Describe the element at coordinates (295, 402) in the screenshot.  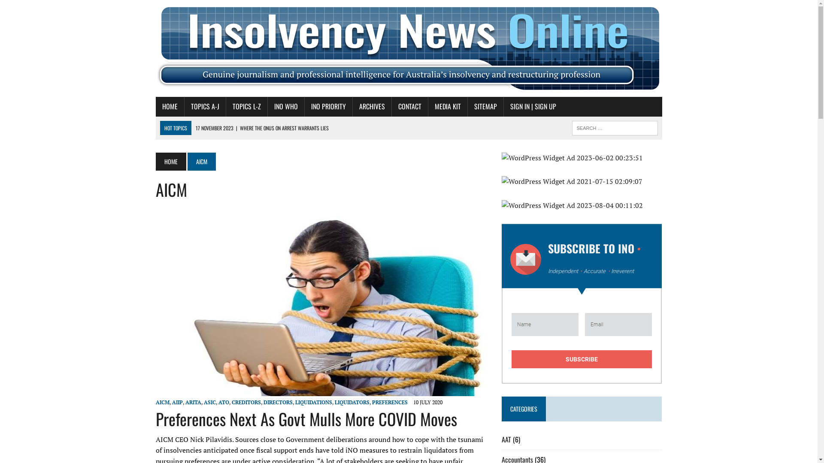
I see `'LIQUIDATIONS'` at that location.